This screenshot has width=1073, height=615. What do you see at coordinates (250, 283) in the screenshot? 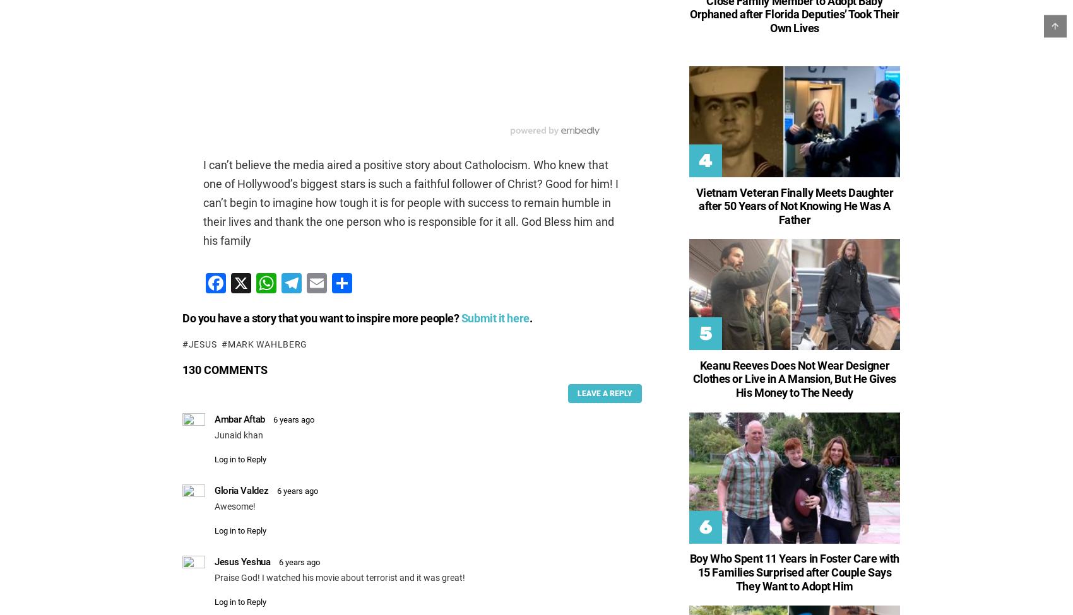
I see `'X'` at bounding box center [250, 283].